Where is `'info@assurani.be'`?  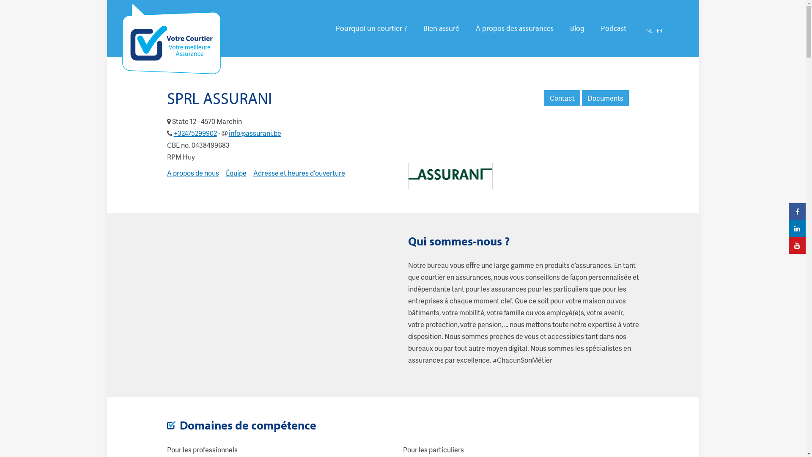
'info@assurani.be' is located at coordinates (228, 133).